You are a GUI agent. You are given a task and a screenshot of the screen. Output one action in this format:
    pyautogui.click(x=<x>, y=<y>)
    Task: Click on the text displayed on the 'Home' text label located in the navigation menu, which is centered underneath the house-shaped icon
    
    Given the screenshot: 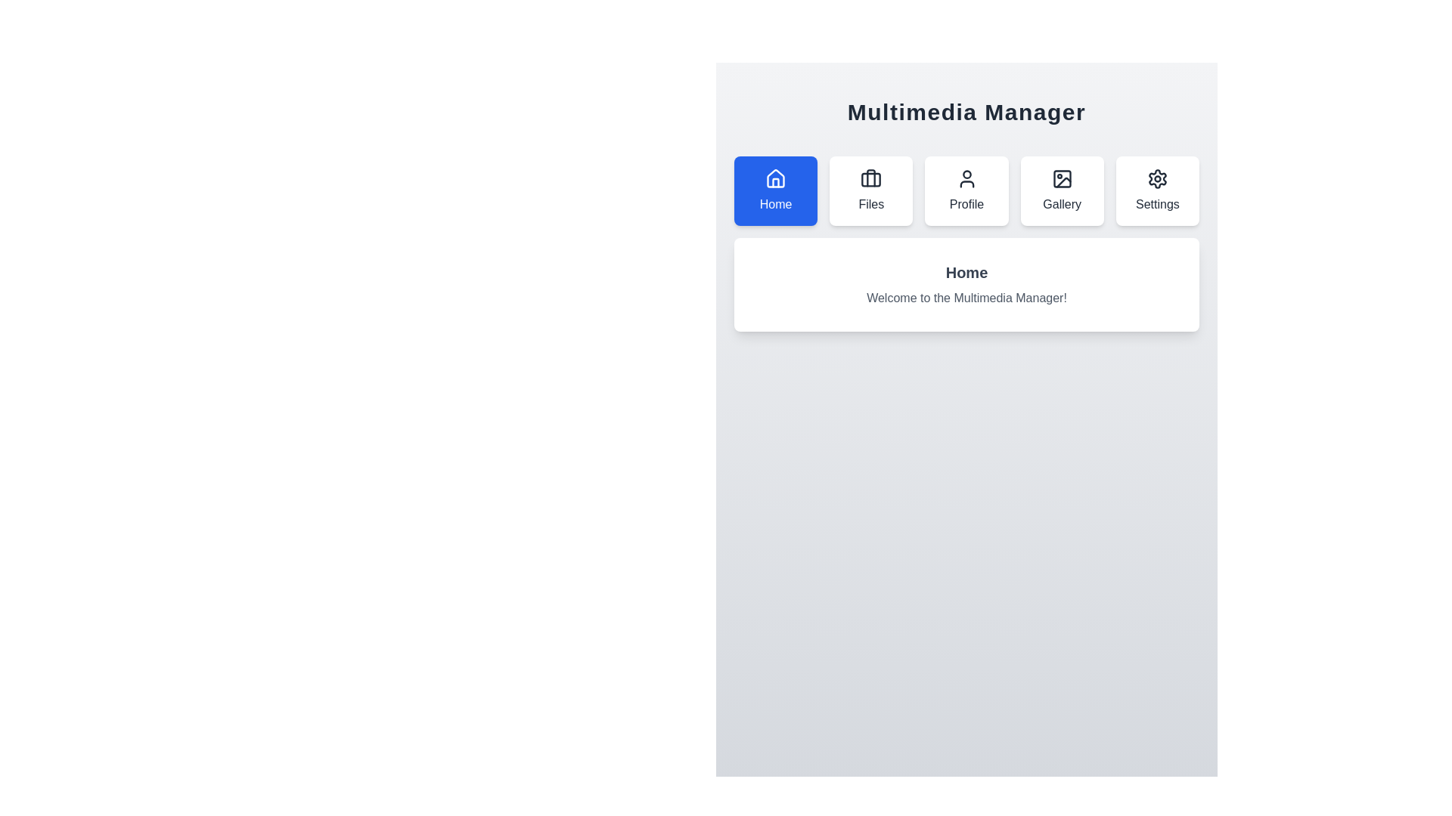 What is the action you would take?
    pyautogui.click(x=776, y=204)
    